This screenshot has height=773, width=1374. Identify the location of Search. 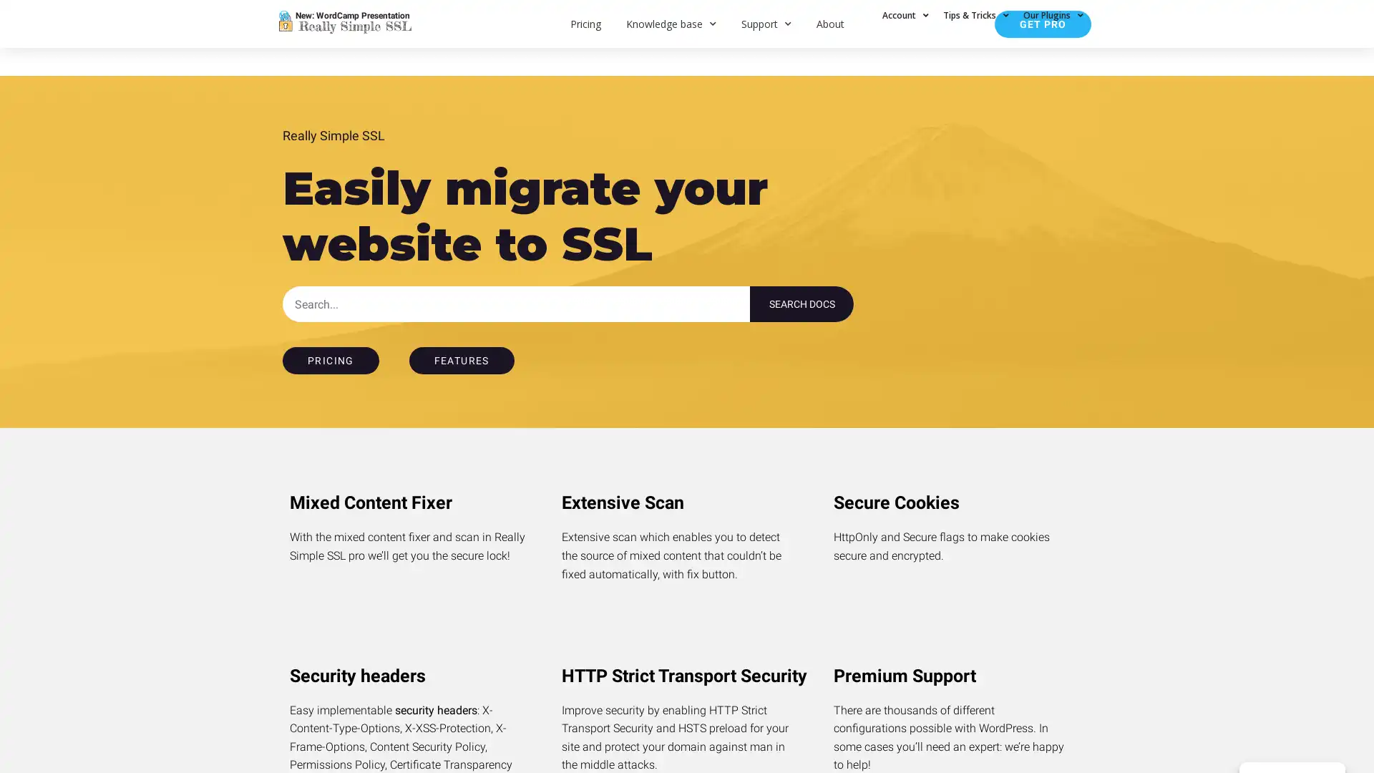
(801, 303).